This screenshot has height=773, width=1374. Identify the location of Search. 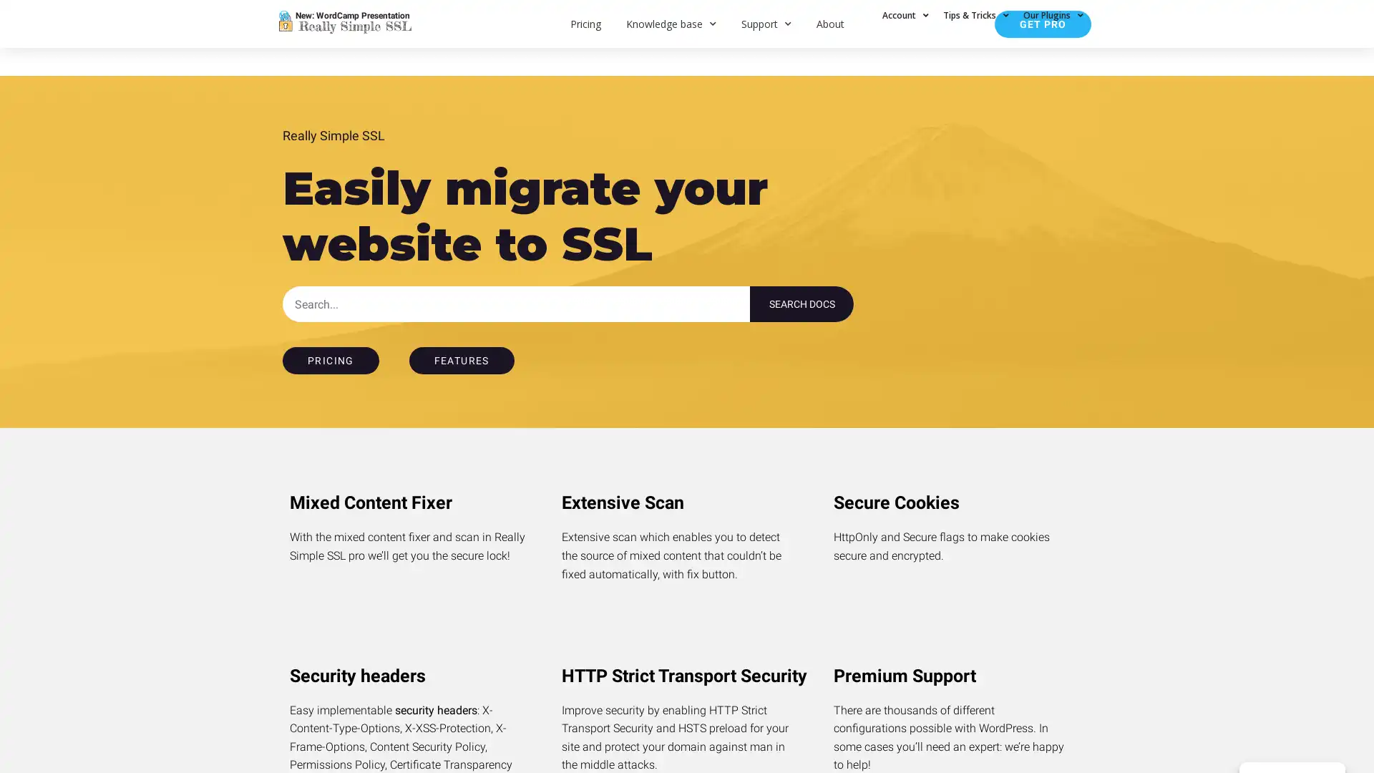
(801, 303).